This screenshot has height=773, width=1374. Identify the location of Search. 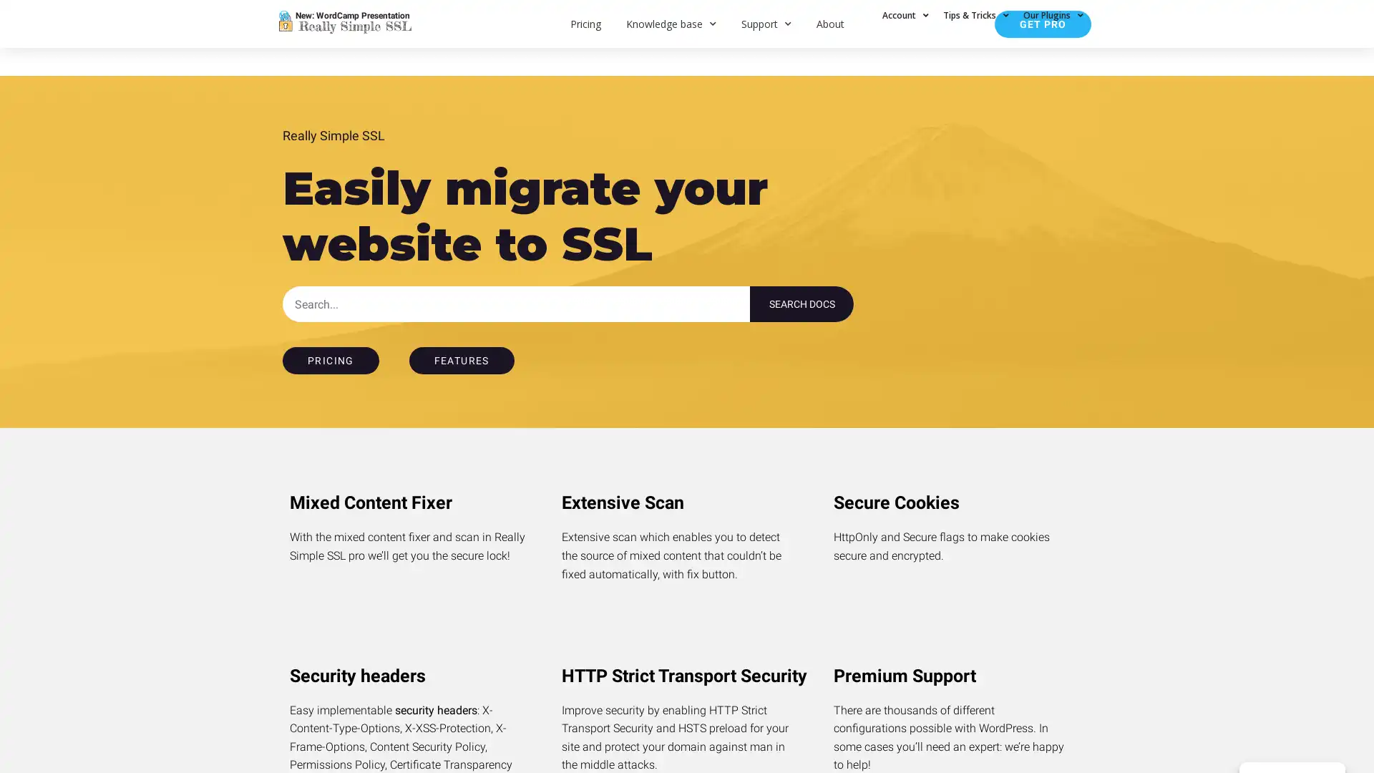
(801, 303).